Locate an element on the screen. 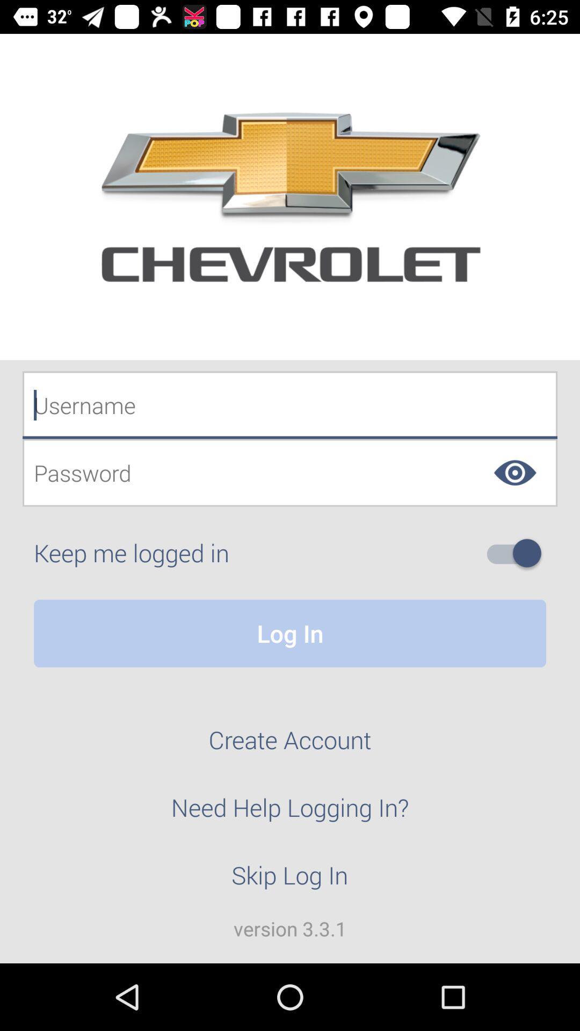 The width and height of the screenshot is (580, 1031). username field is located at coordinates (290, 404).